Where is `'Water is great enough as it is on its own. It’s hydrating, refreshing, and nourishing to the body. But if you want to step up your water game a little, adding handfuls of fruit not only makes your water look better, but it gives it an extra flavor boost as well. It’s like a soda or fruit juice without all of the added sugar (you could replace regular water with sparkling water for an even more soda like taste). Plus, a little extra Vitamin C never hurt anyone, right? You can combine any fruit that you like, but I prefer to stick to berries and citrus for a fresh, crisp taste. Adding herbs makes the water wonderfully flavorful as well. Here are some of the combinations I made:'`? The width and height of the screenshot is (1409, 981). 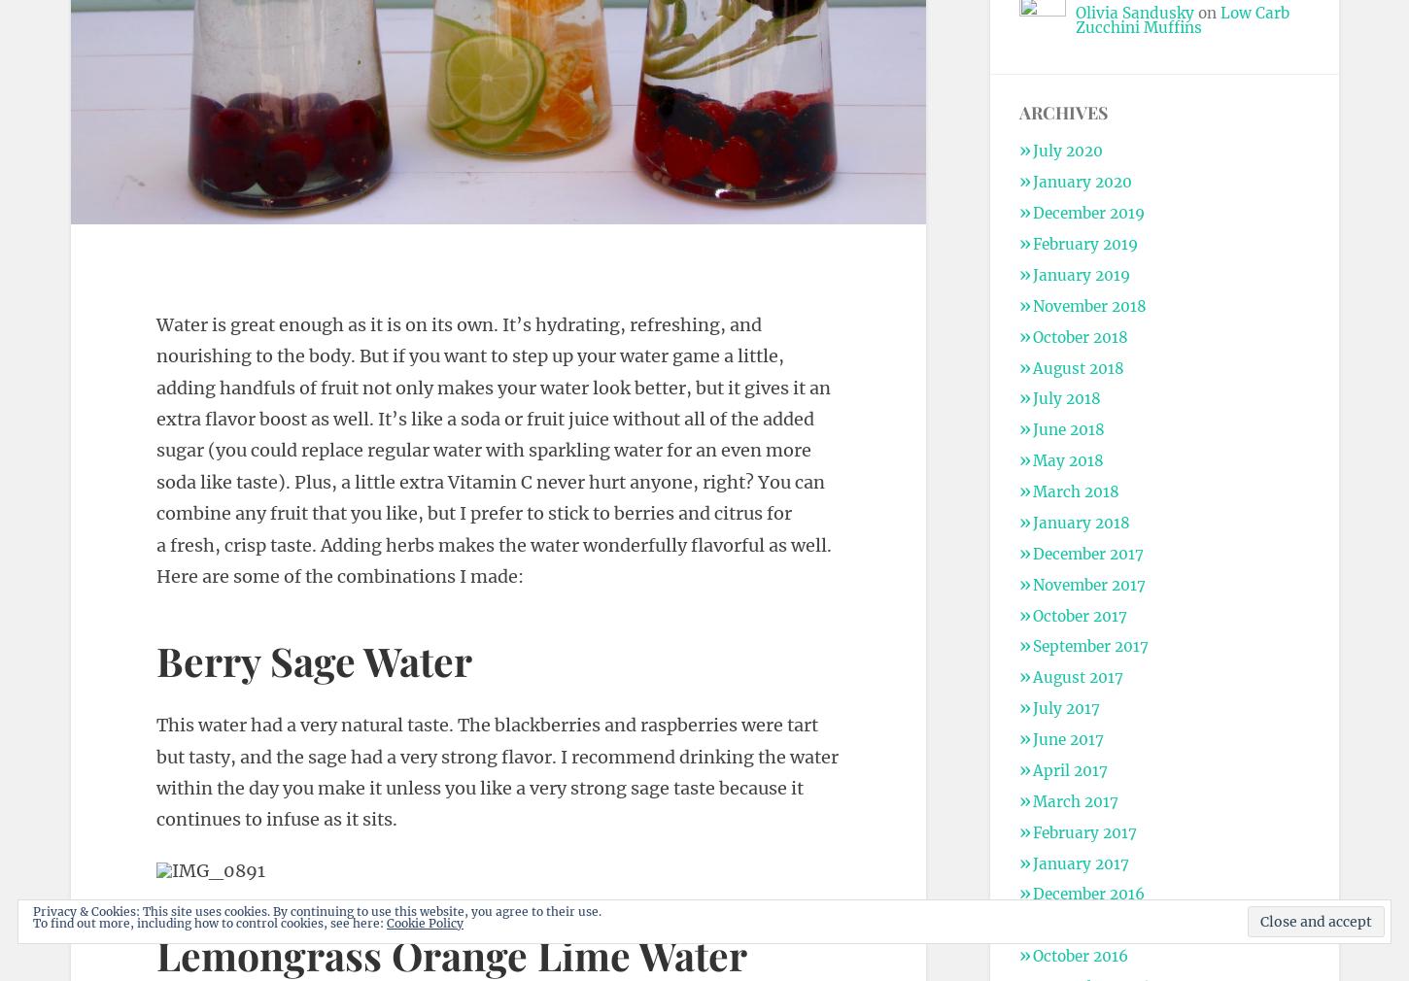
'Water is great enough as it is on its own. It’s hydrating, refreshing, and nourishing to the body. But if you want to step up your water game a little, adding handfuls of fruit not only makes your water look better, but it gives it an extra flavor boost as well. It’s like a soda or fruit juice without all of the added sugar (you could replace regular water with sparkling water for an even more soda like taste). Plus, a little extra Vitamin C never hurt anyone, right? You can combine any fruit that you like, but I prefer to stick to berries and citrus for a fresh, crisp taste. Adding herbs makes the water wonderfully flavorful as well. Here are some of the combinations I made:' is located at coordinates (493, 449).